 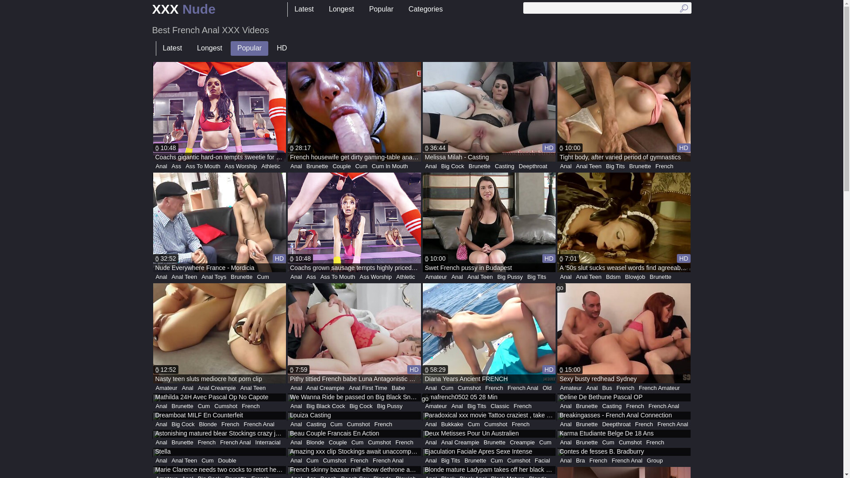 What do you see at coordinates (161, 166) in the screenshot?
I see `'Anal'` at bounding box center [161, 166].